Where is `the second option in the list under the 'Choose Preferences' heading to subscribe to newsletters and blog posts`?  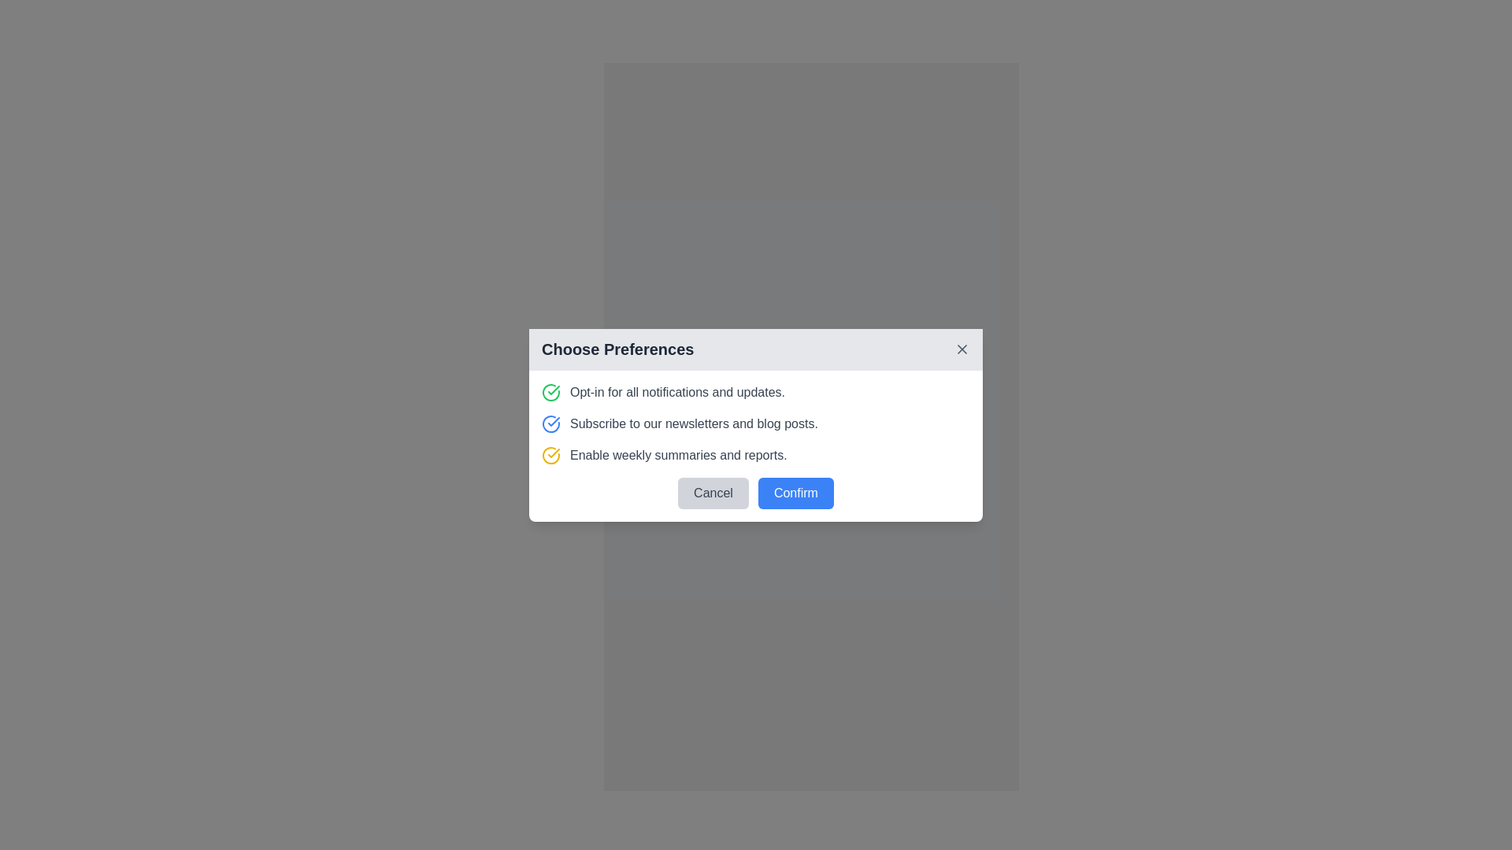 the second option in the list under the 'Choose Preferences' heading to subscribe to newsletters and blog posts is located at coordinates (756, 422).